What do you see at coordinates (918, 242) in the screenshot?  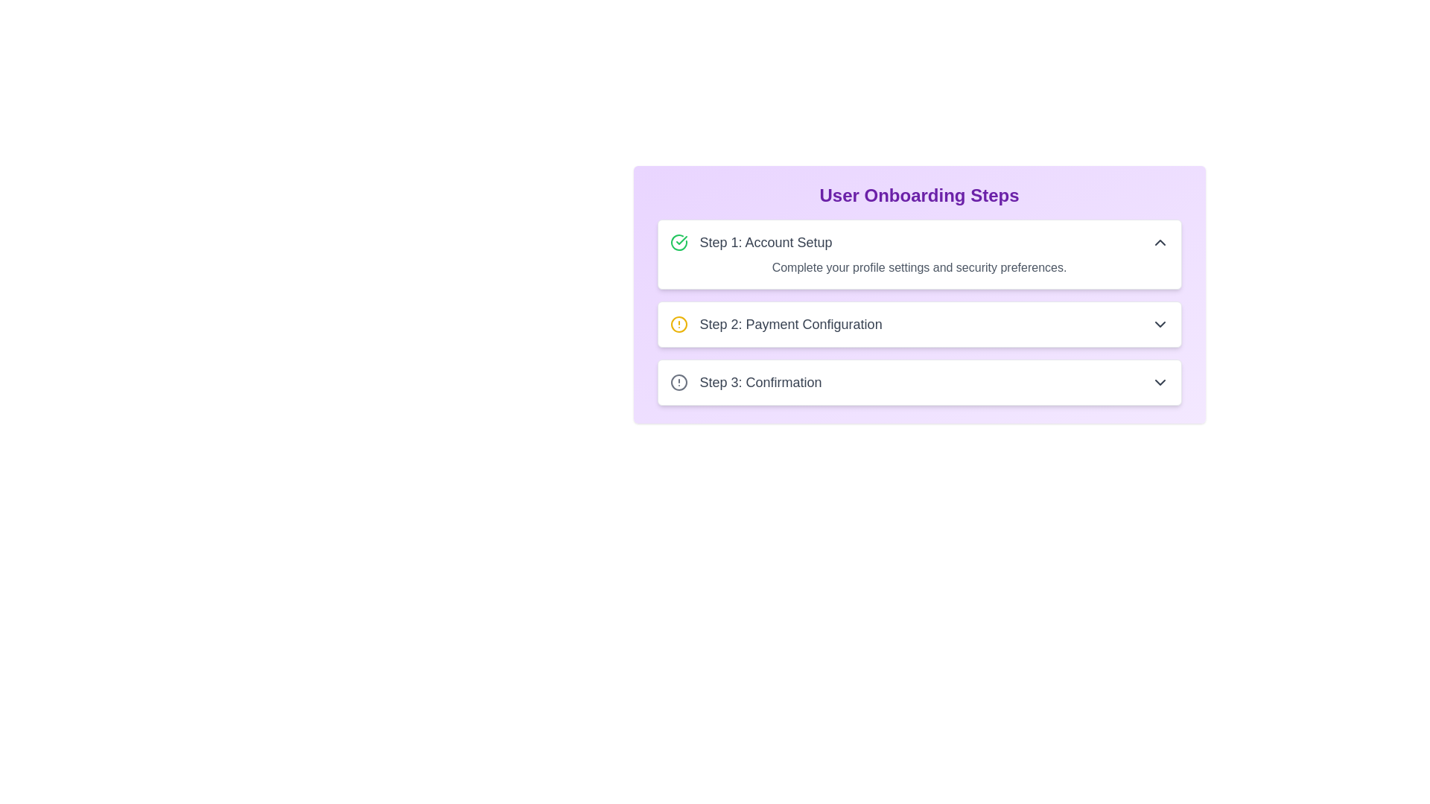 I see `the collapsible section header that initiates the user onboarding process by activating it` at bounding box center [918, 242].